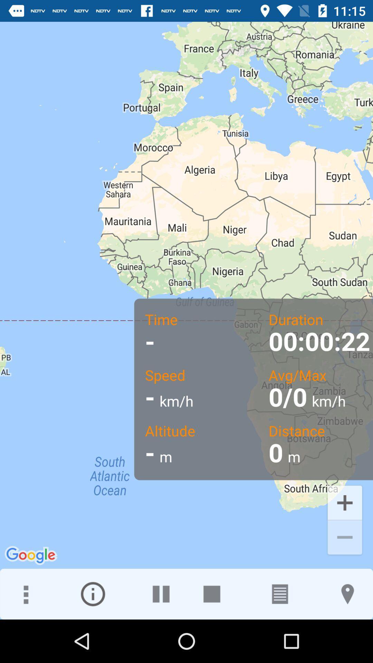 This screenshot has width=373, height=663. Describe the element at coordinates (161, 594) in the screenshot. I see `the pause icon` at that location.